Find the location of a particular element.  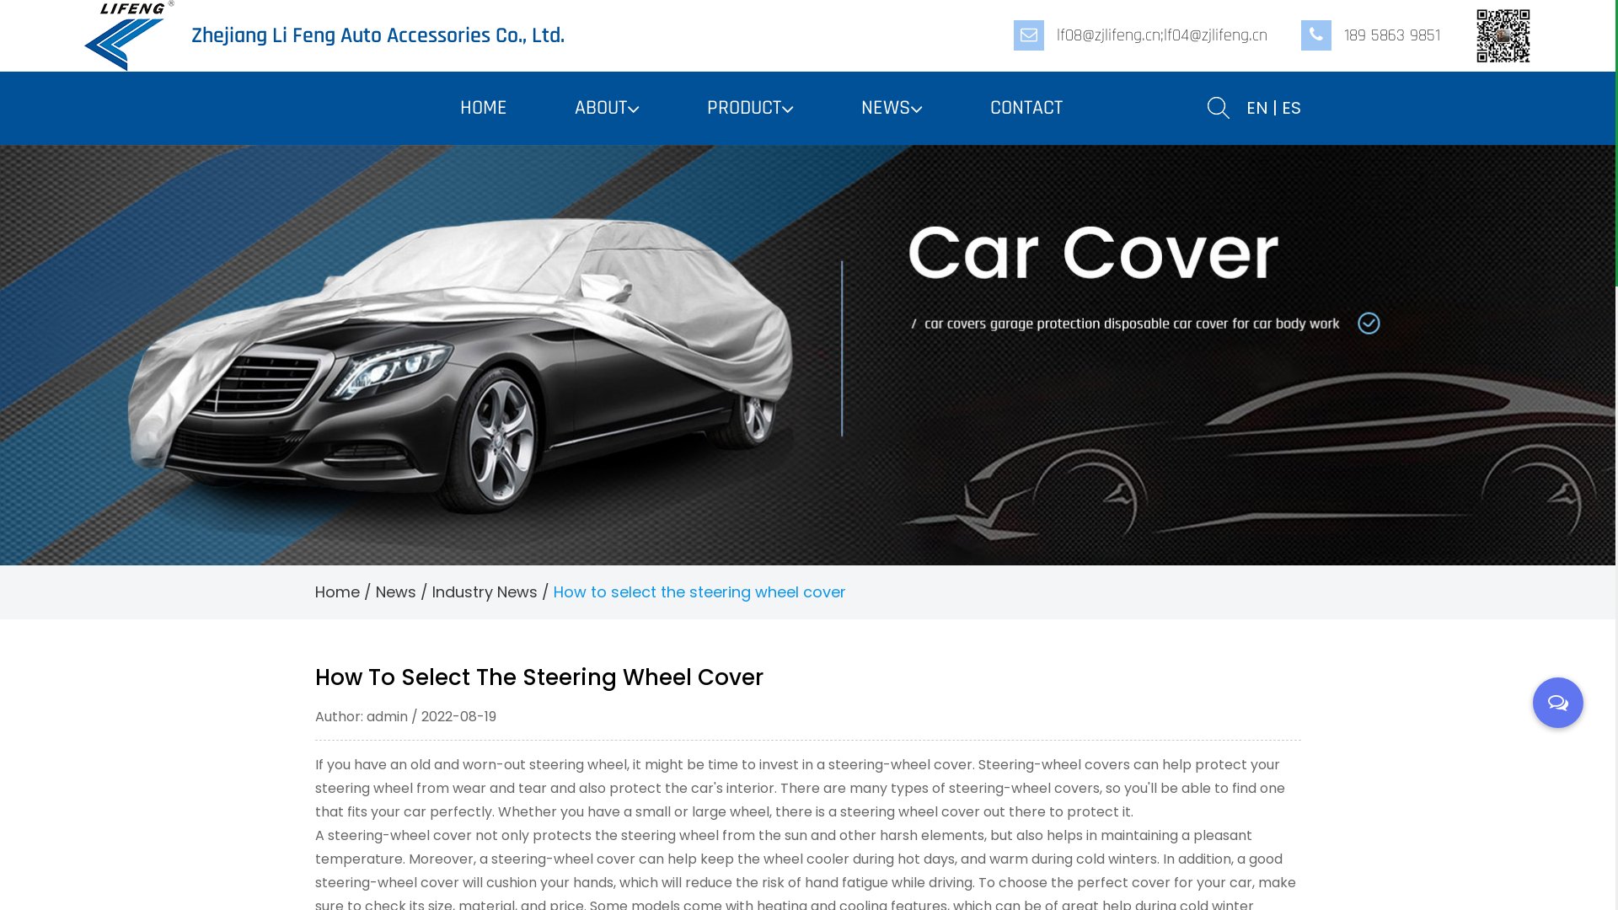

'Industry News' is located at coordinates (483, 591).